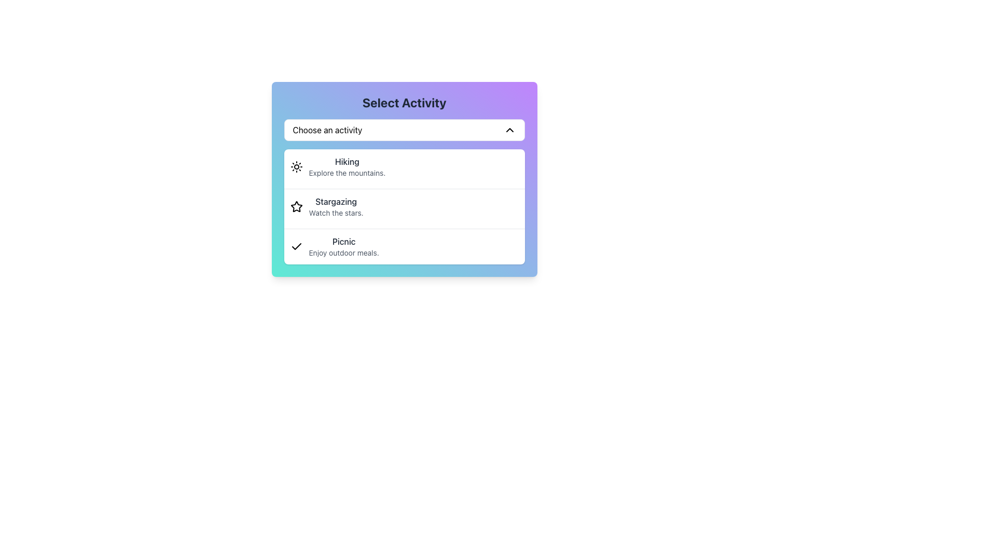  What do you see at coordinates (347, 166) in the screenshot?
I see `text from the Text Block that contains the activity 'Hiking' and its description 'Explore the mountains.' located in the dropdown interface titled 'Select Activity'` at bounding box center [347, 166].